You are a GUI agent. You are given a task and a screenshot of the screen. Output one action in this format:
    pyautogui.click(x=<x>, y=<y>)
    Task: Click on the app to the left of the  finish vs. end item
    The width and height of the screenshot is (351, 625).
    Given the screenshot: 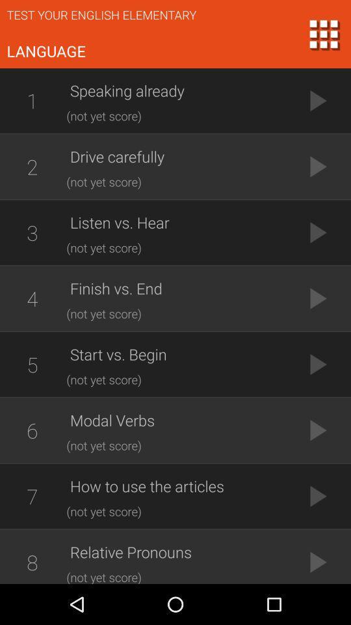 What is the action you would take?
    pyautogui.click(x=32, y=298)
    